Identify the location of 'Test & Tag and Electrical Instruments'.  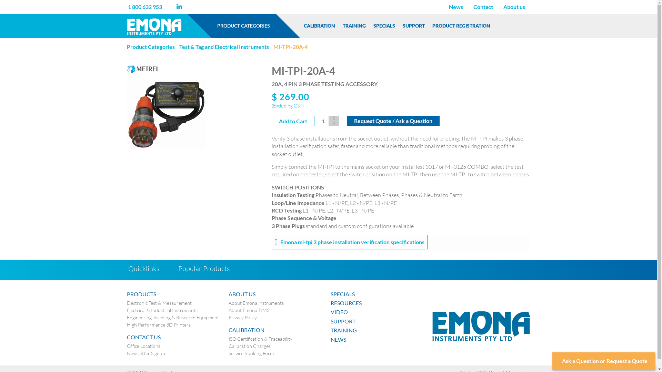
(224, 46).